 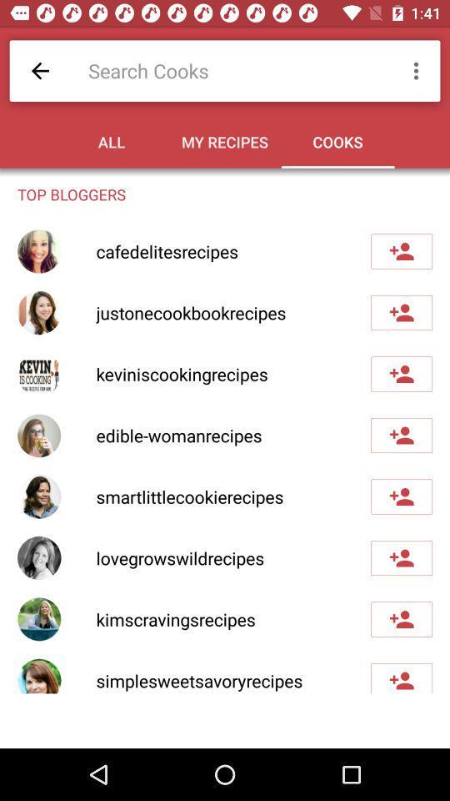 I want to click on follow cook, so click(x=401, y=678).